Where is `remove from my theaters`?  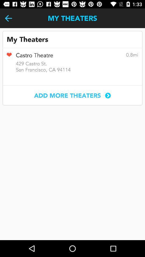
remove from my theaters is located at coordinates (9, 56).